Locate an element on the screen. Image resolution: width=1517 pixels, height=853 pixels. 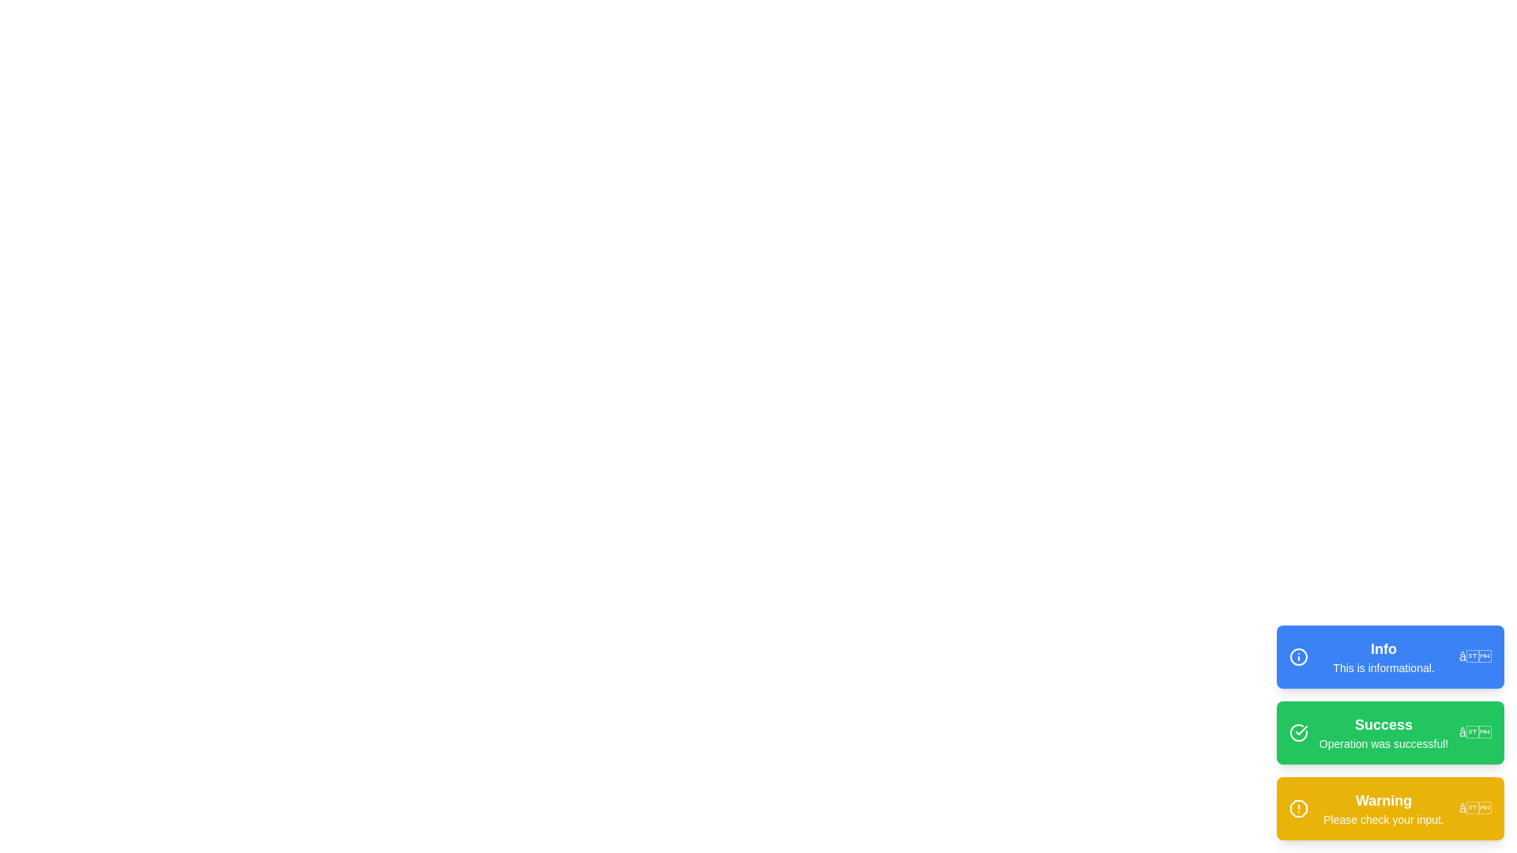
the close button (cross icon) on the notification box is located at coordinates (1474, 657).